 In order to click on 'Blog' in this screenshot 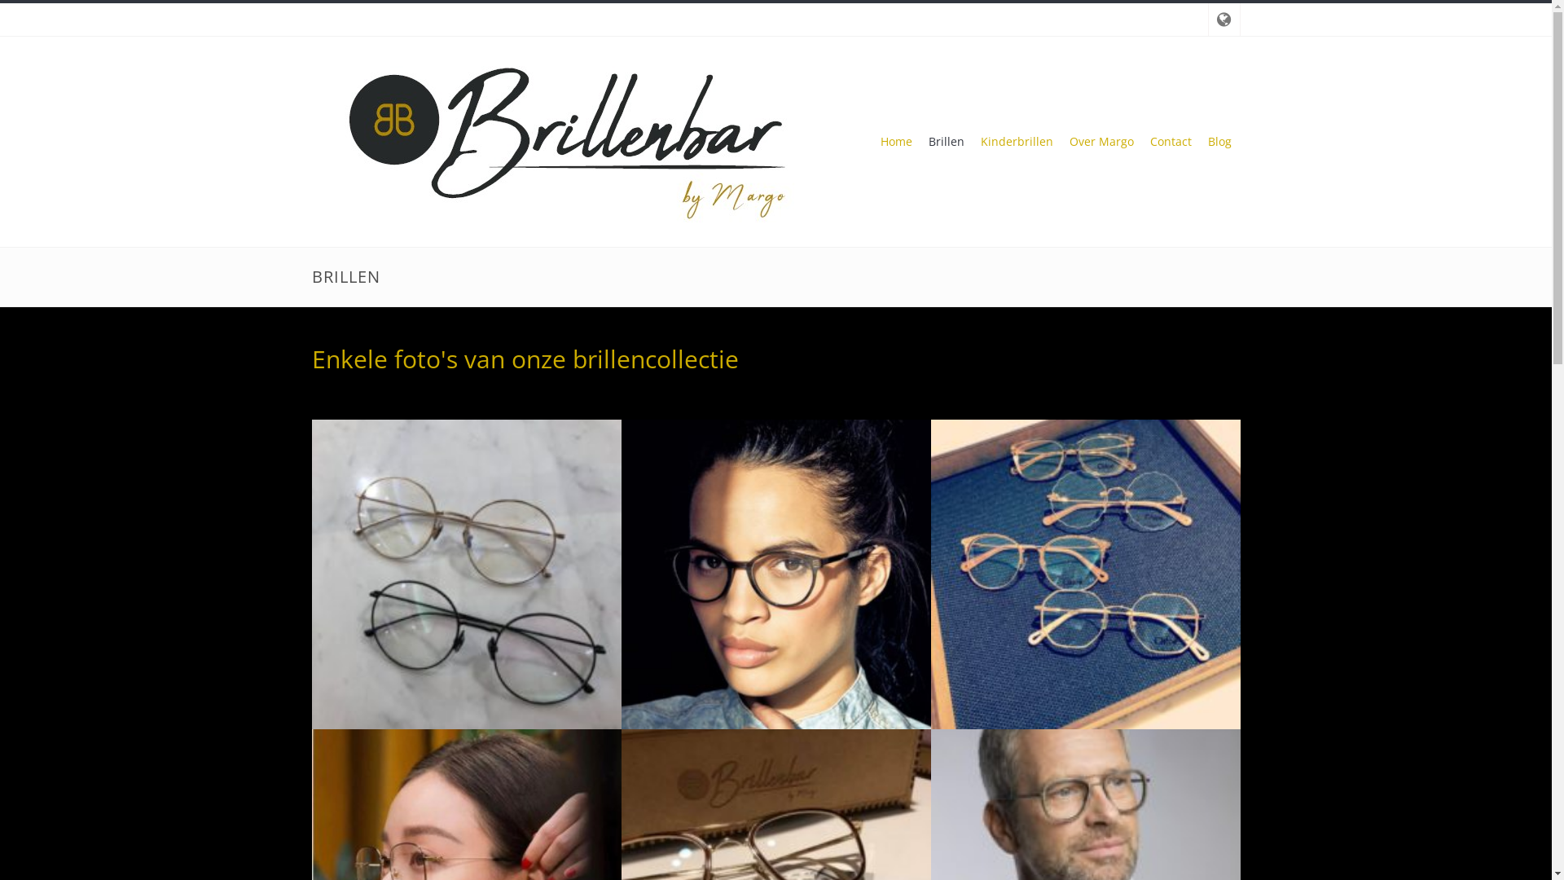, I will do `click(1219, 140)`.